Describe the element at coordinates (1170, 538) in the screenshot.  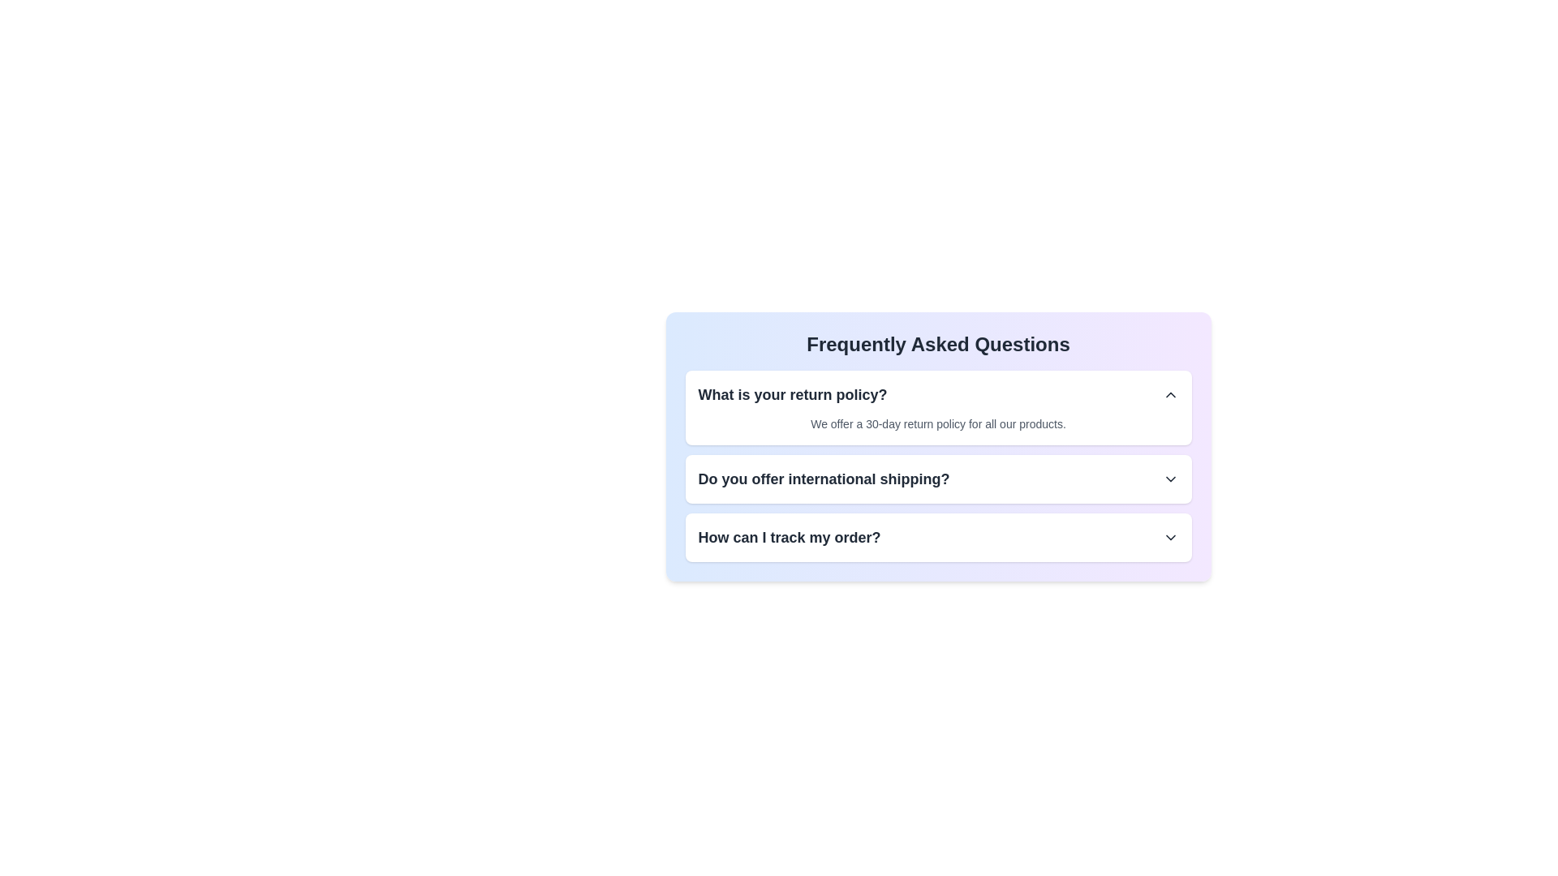
I see `the expand/collapse icon next to the FAQ with the question 'How can I track my order?'` at that location.